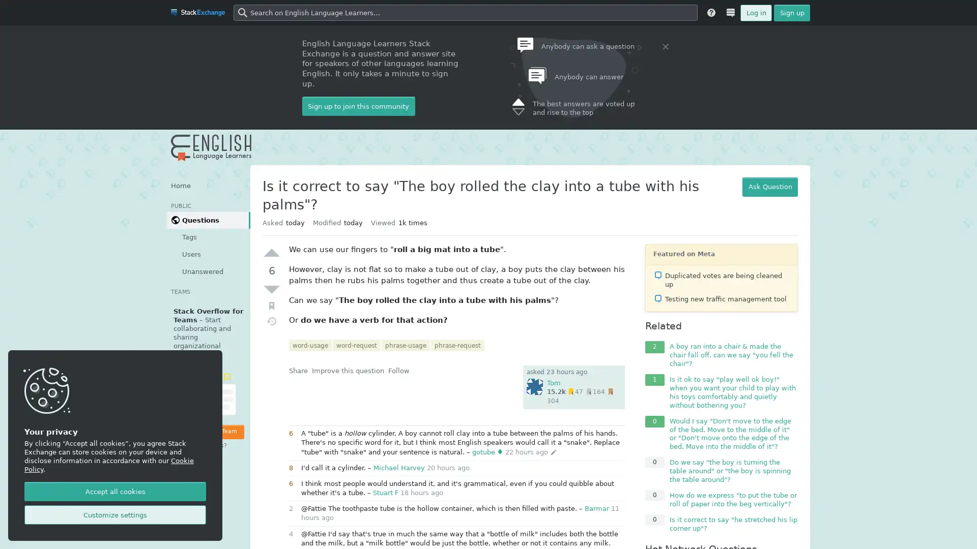 The width and height of the screenshot is (977, 549). I want to click on Follow, so click(398, 371).